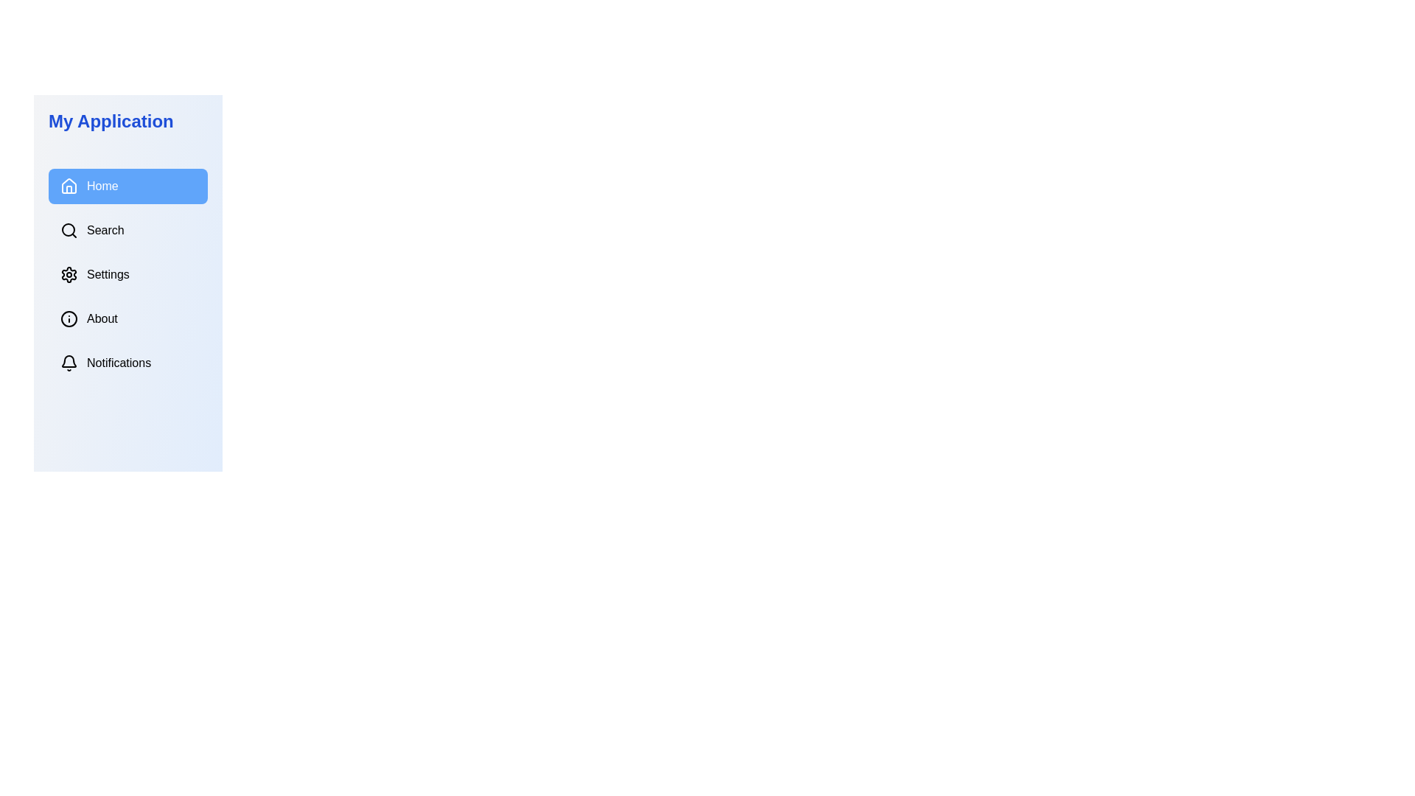 This screenshot has width=1415, height=796. Describe the element at coordinates (69, 275) in the screenshot. I see `the 'Settings' icon located in the sidebar menu` at that location.